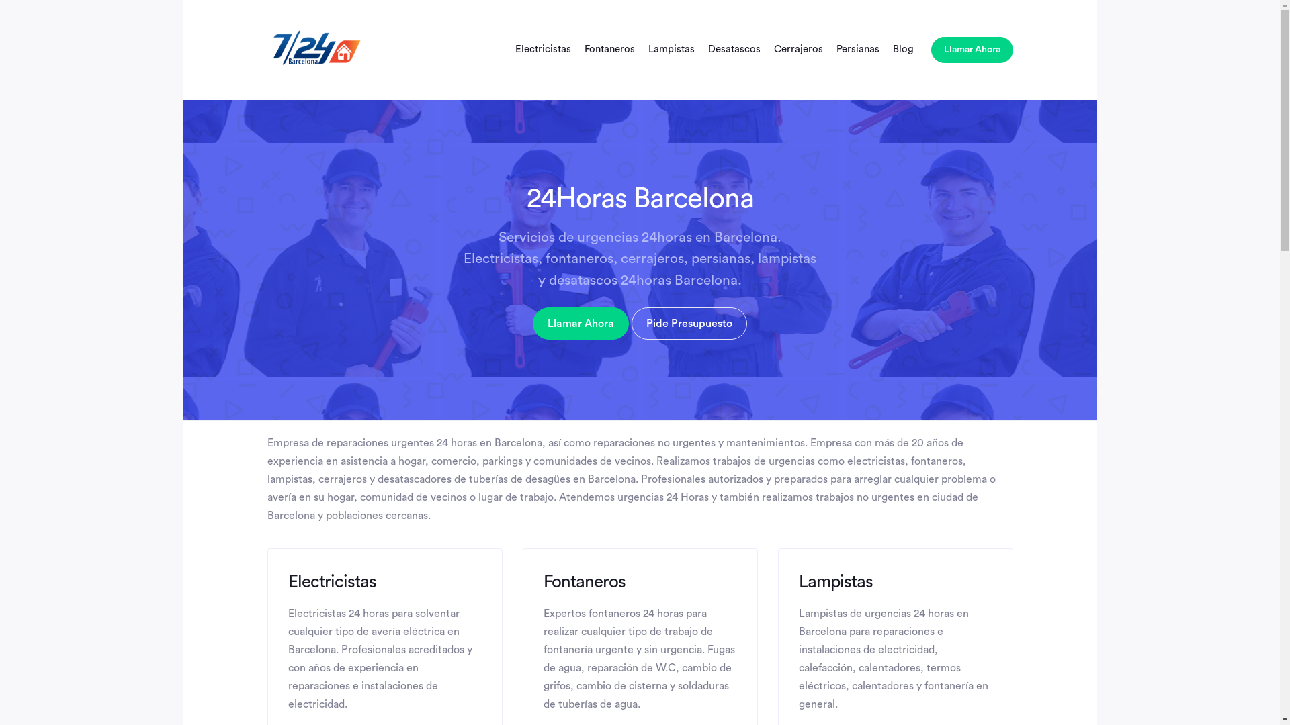 The image size is (1290, 725). Describe the element at coordinates (671, 49) in the screenshot. I see `'Lampistas'` at that location.